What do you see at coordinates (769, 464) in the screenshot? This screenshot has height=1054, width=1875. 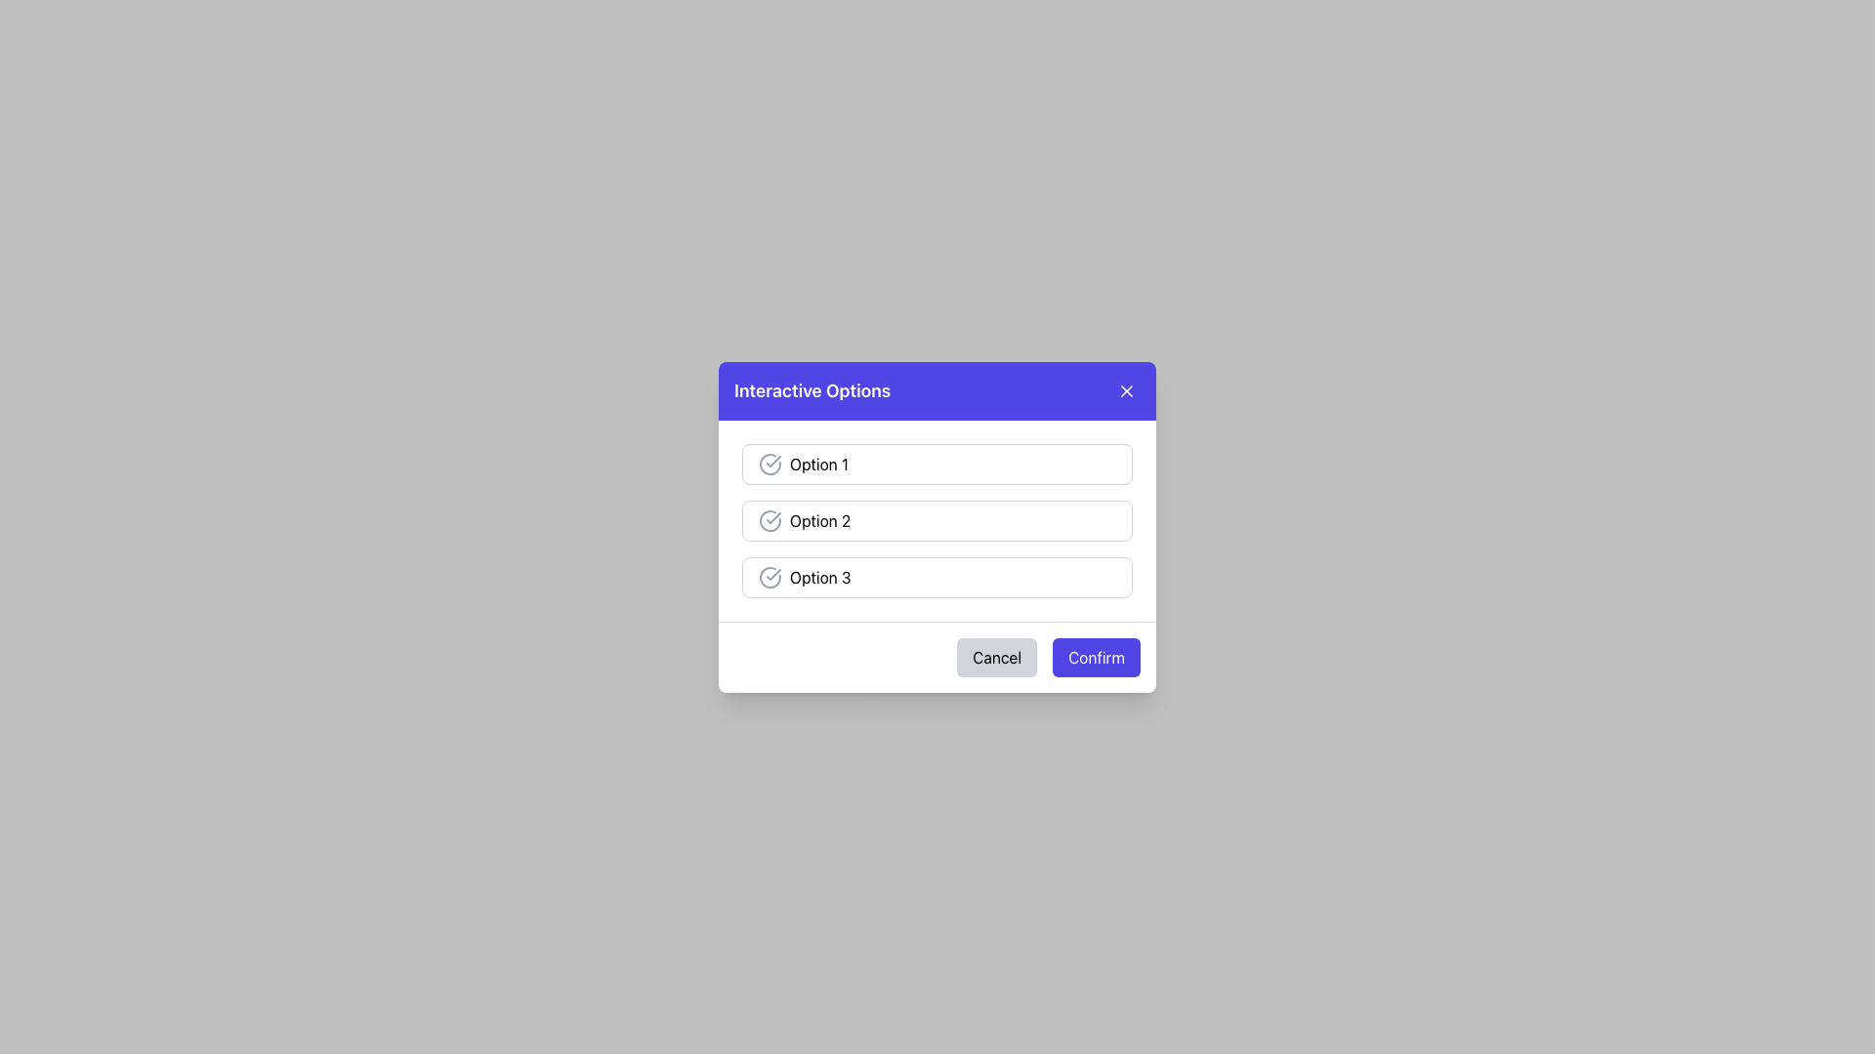 I see `the state of the selection status icon located to the left of 'Option 1' in the 'Interactive Options' list` at bounding box center [769, 464].